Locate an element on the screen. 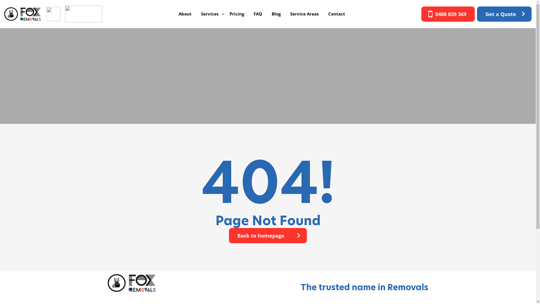 Image resolution: width=540 pixels, height=304 pixels. 'Contact' is located at coordinates (336, 14).